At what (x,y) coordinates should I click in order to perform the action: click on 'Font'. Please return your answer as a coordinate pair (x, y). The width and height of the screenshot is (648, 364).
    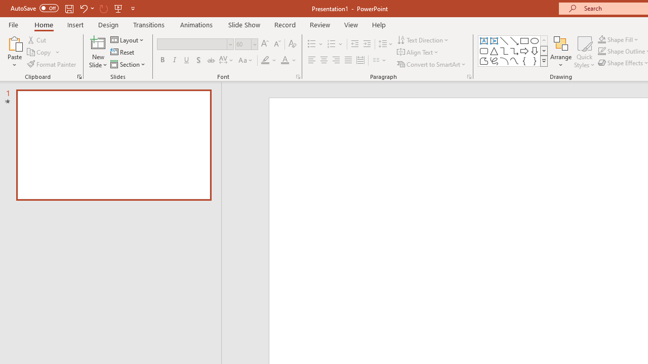
    Looking at the image, I should click on (192, 43).